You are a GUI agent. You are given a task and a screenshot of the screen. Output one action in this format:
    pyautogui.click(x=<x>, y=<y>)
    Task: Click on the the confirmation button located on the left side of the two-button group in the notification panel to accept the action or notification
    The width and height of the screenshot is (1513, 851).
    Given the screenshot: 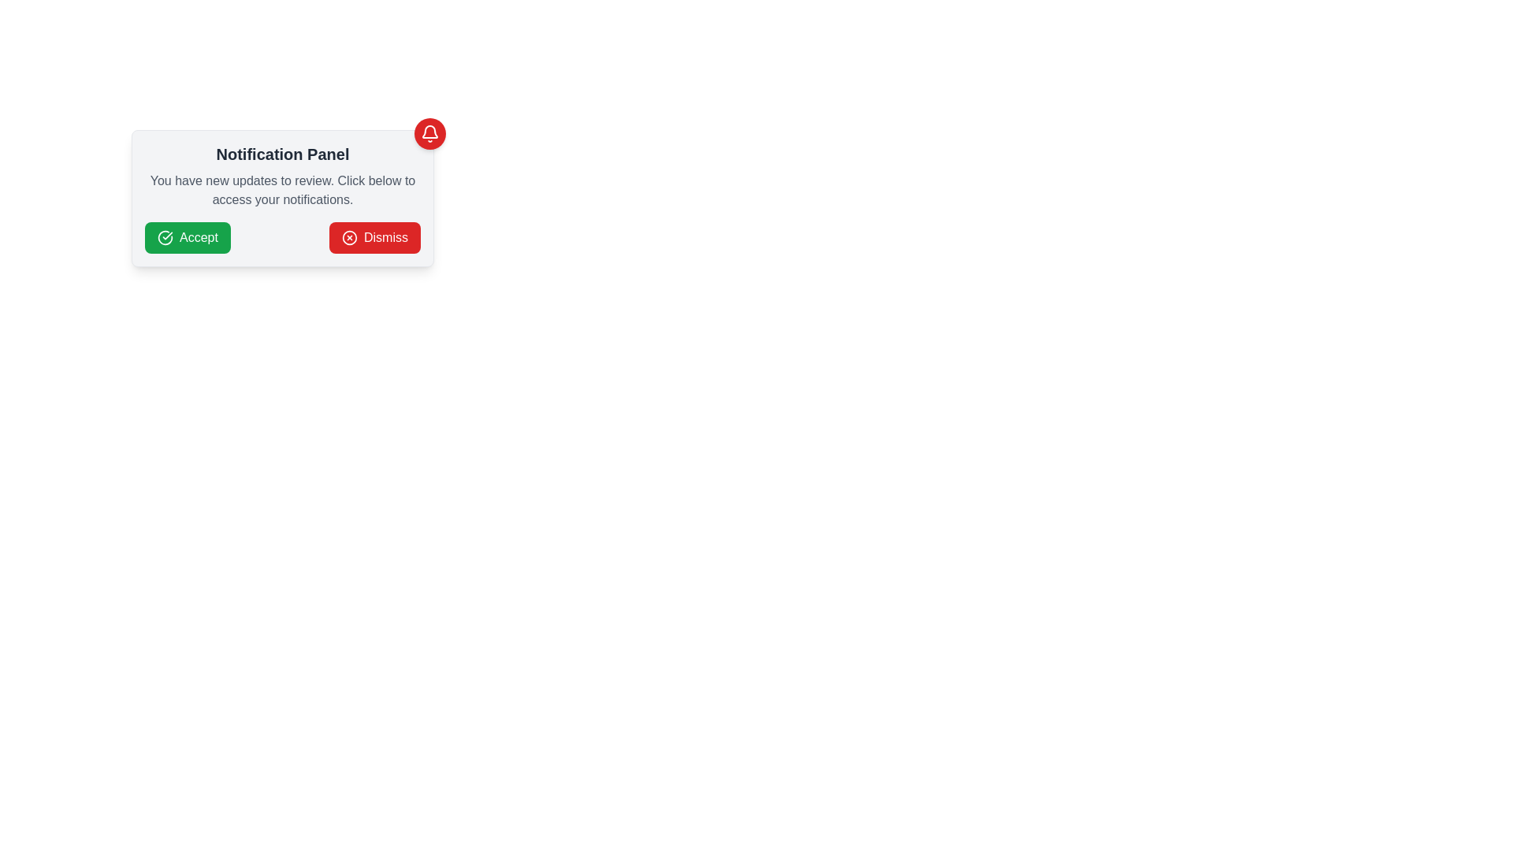 What is the action you would take?
    pyautogui.click(x=188, y=237)
    